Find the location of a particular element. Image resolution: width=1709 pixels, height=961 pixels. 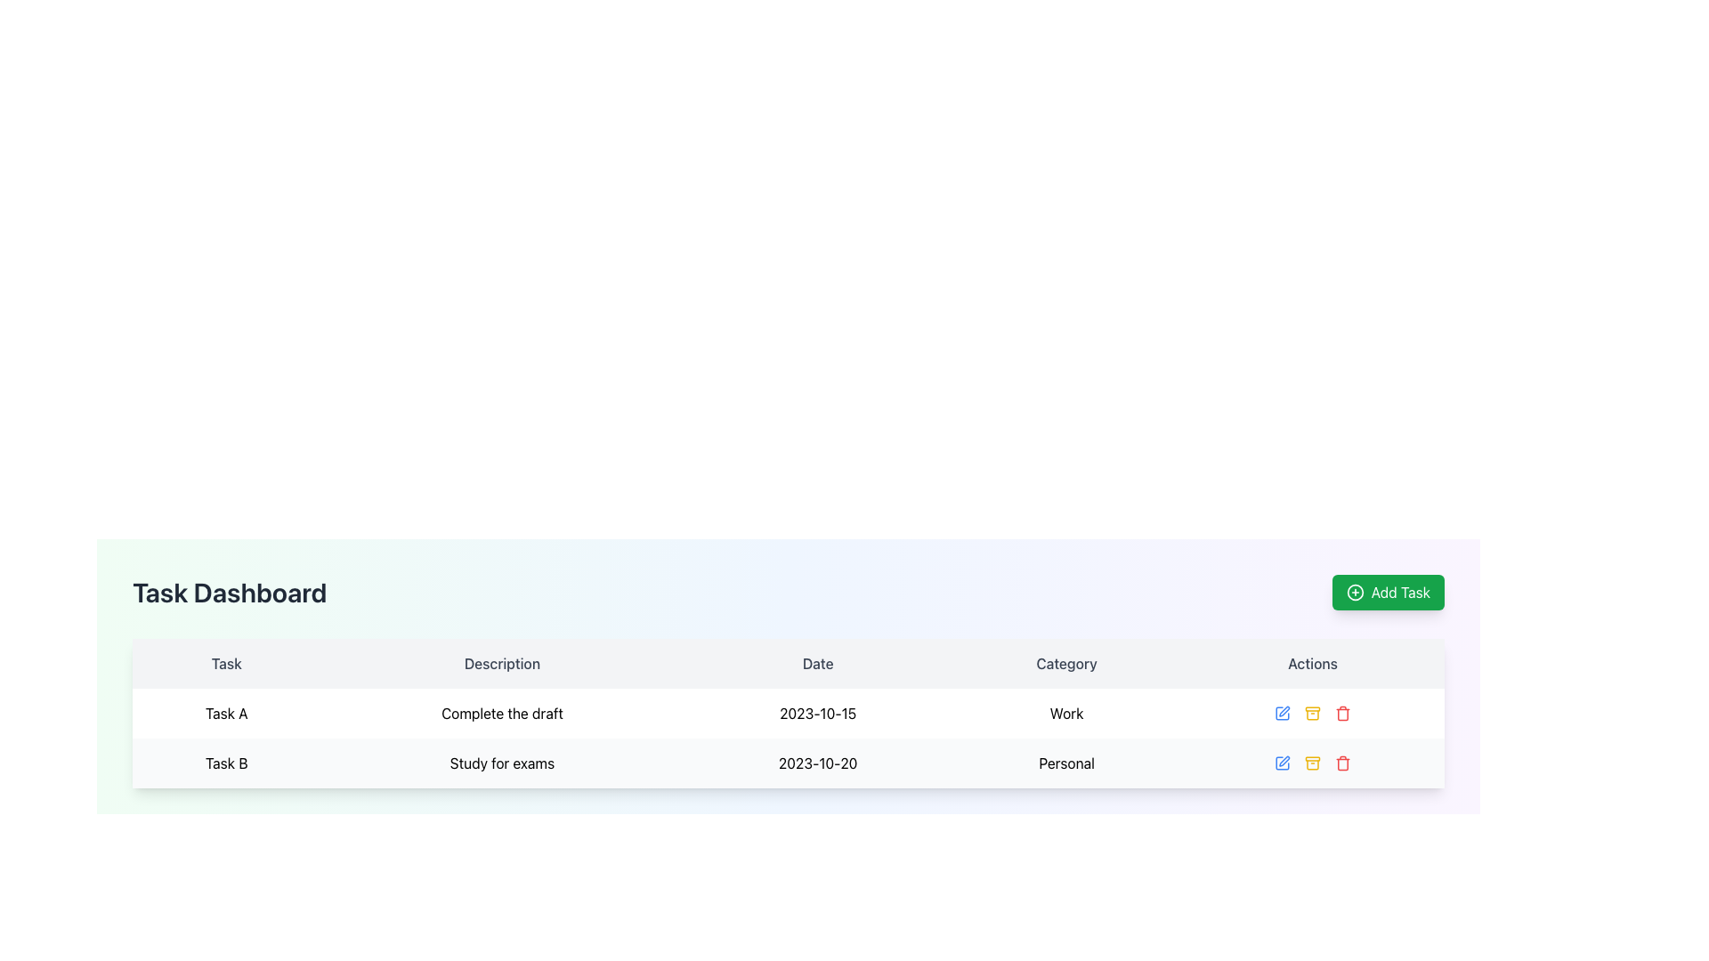

the text descriptor in the second column of the row titled 'Task A' within the 'Task Dashboard' layout is located at coordinates (501, 713).